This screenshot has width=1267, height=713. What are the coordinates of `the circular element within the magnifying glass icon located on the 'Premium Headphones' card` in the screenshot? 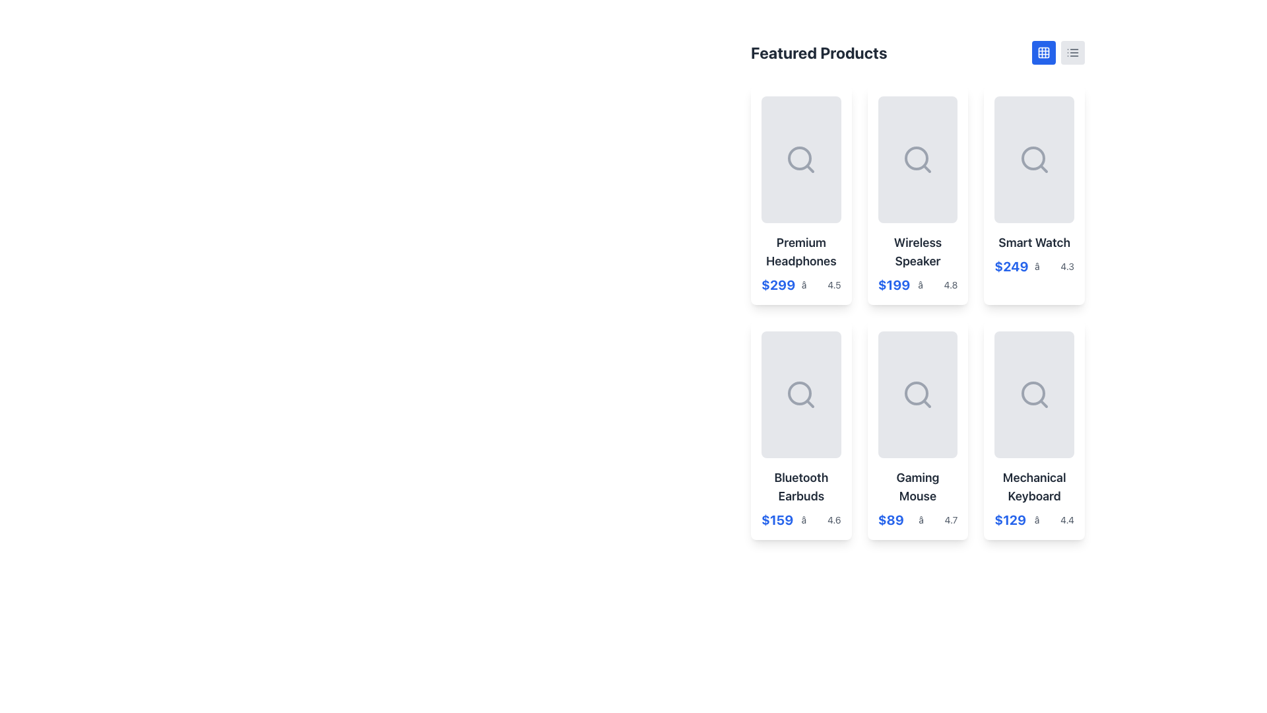 It's located at (799, 157).